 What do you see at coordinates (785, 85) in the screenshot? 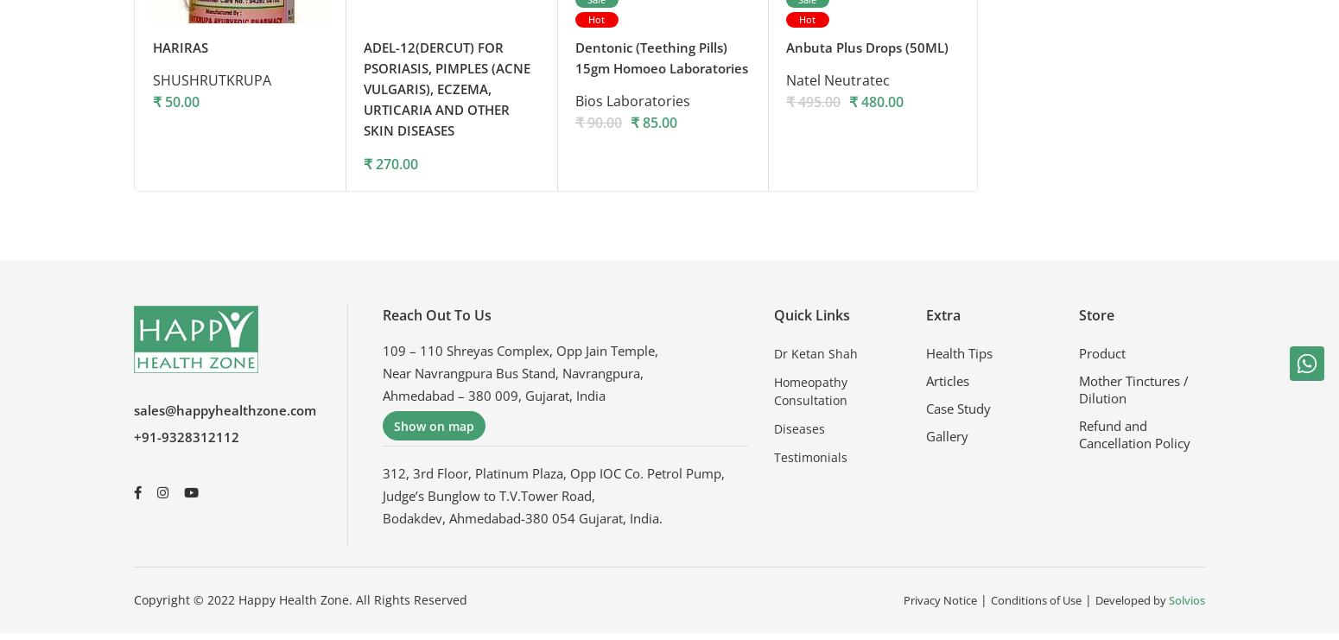
I see `'Natel Neutratec'` at bounding box center [785, 85].